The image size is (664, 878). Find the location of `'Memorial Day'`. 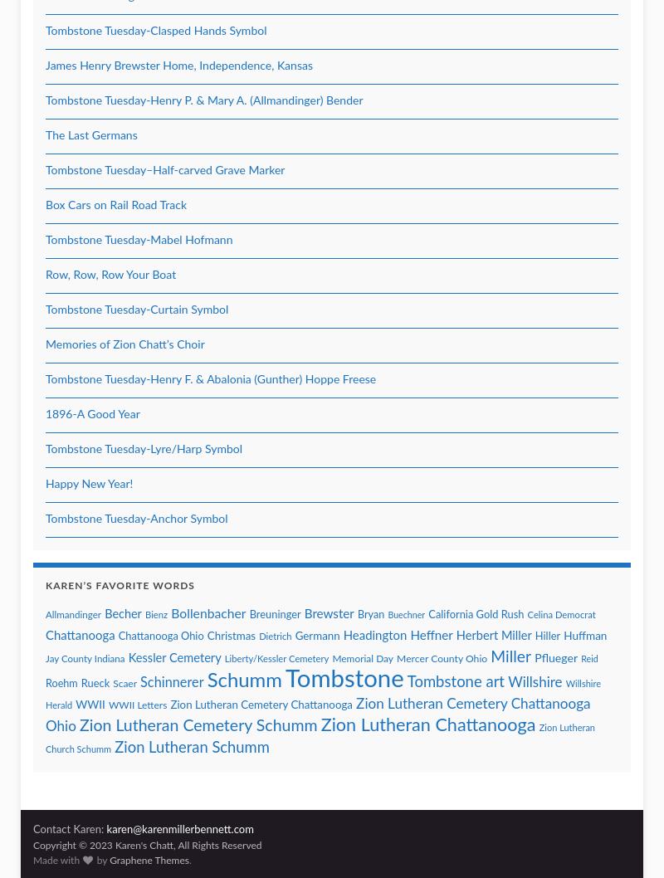

'Memorial Day' is located at coordinates (332, 659).